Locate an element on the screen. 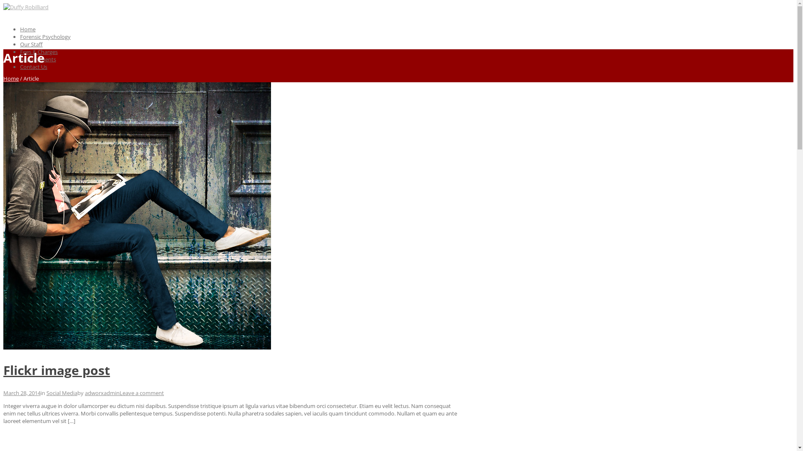 Image resolution: width=803 pixels, height=451 pixels. 'Forensic Psychology' is located at coordinates (45, 36).